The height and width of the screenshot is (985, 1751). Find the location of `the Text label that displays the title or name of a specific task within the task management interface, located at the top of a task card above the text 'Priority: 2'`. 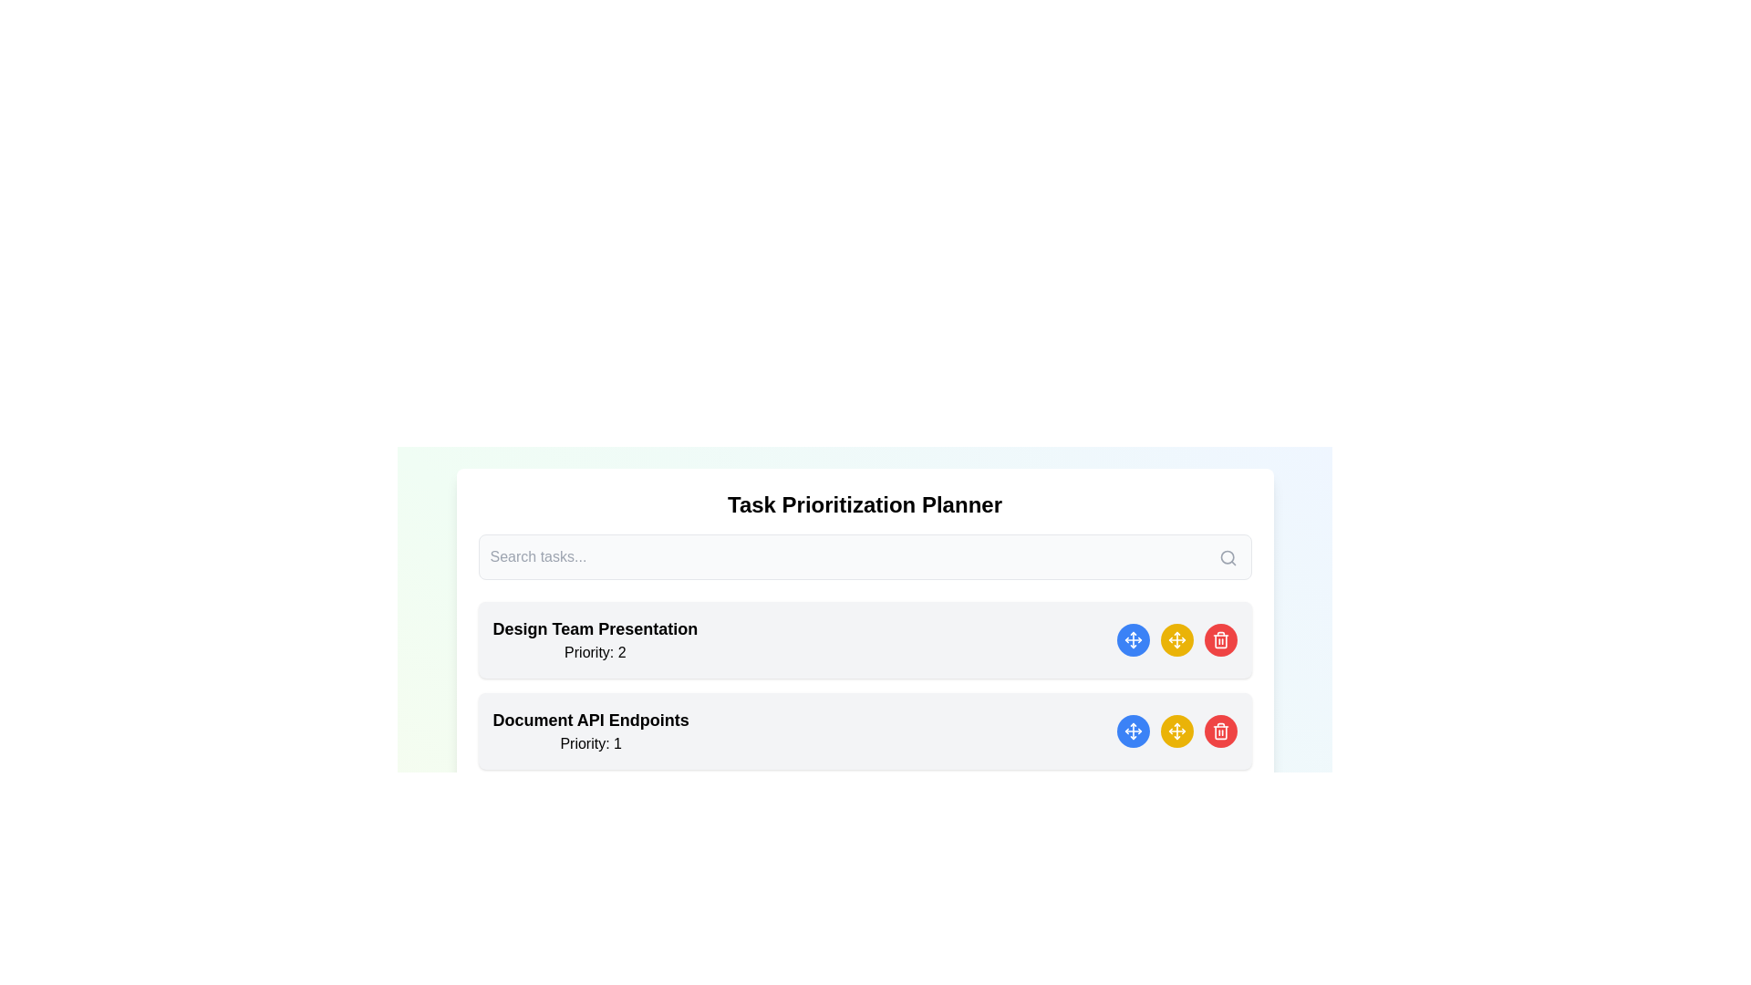

the Text label that displays the title or name of a specific task within the task management interface, located at the top of a task card above the text 'Priority: 2' is located at coordinates (595, 628).